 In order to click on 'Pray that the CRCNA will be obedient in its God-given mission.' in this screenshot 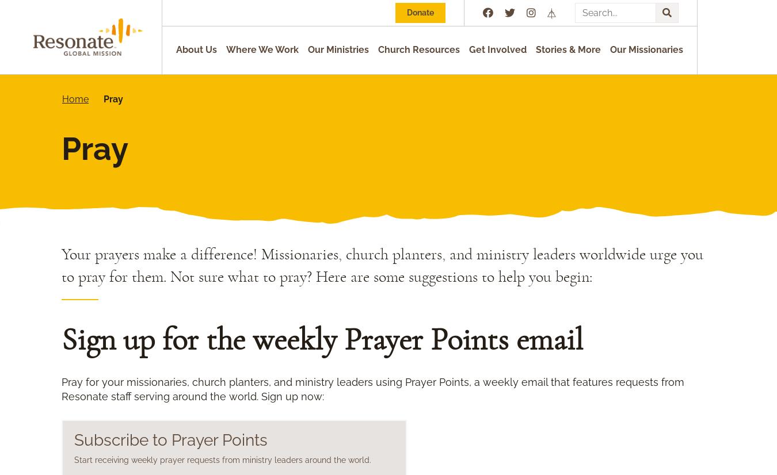, I will do `click(247, 409)`.